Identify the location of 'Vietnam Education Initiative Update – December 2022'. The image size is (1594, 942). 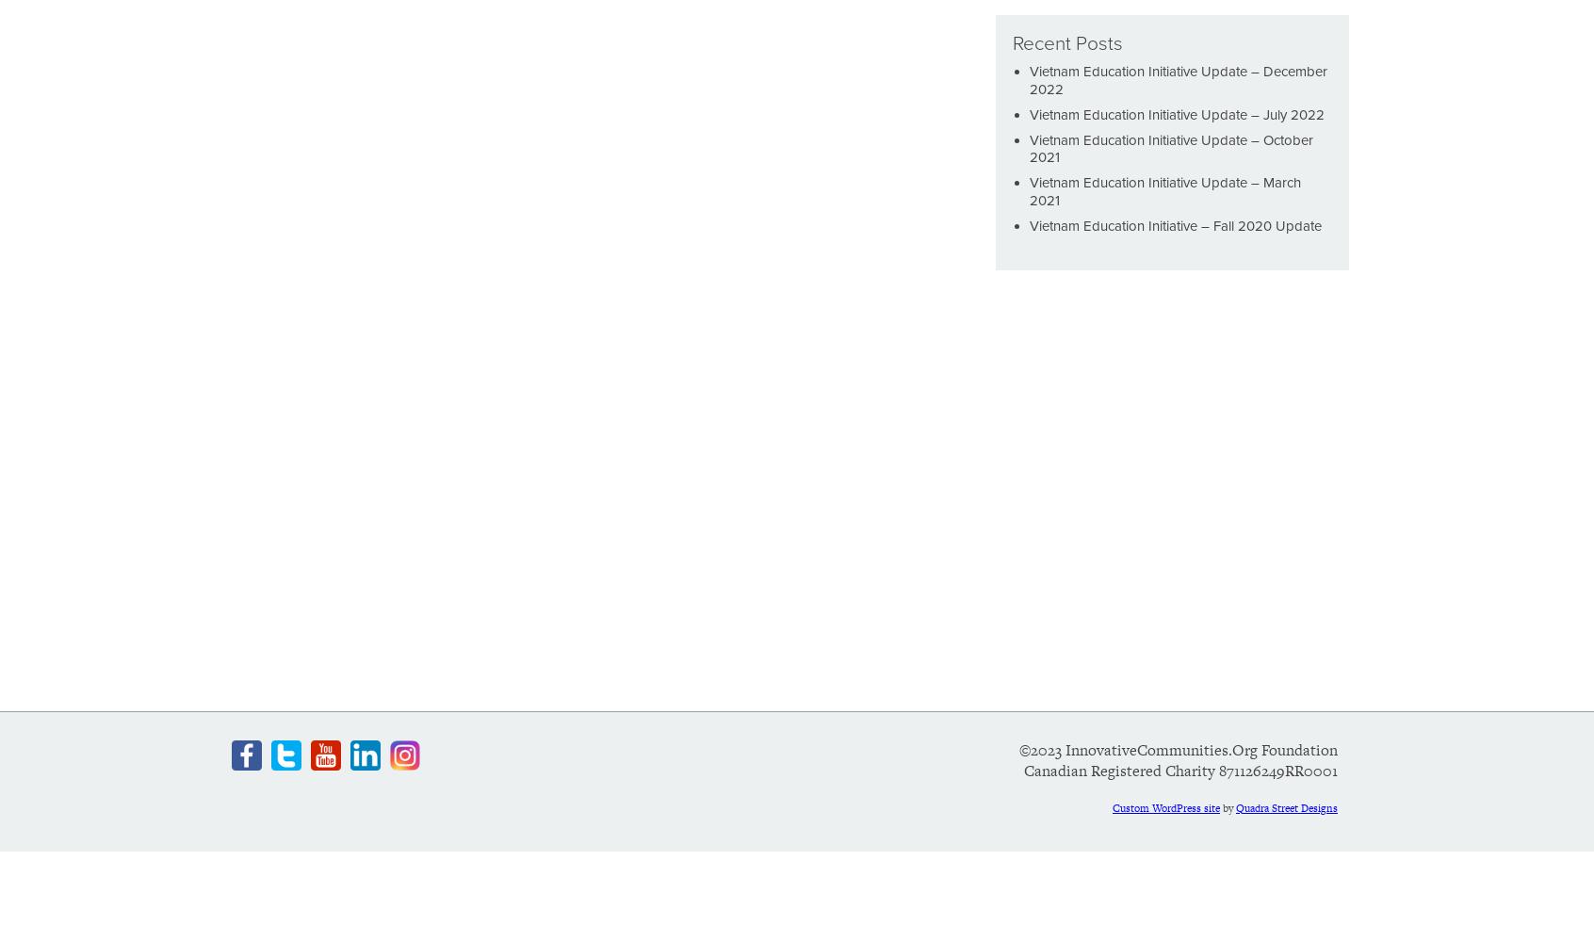
(1179, 79).